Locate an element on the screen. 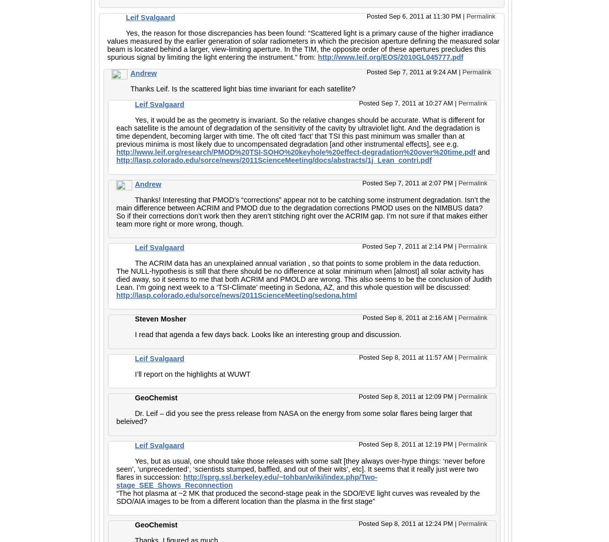 The image size is (609, 542). 'Steven Mosher' is located at coordinates (134, 318).